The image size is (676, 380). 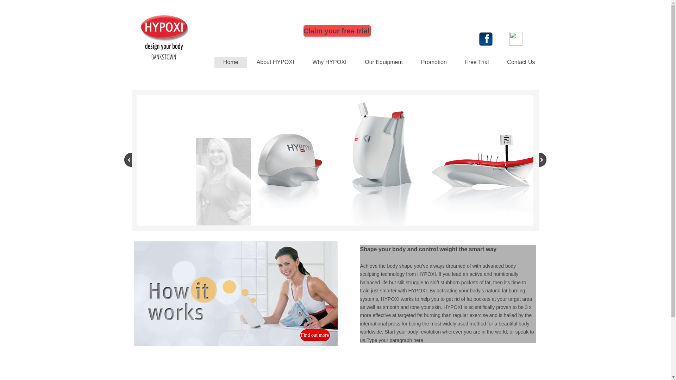 What do you see at coordinates (412, 62) in the screenshot?
I see `'Promotion'` at bounding box center [412, 62].